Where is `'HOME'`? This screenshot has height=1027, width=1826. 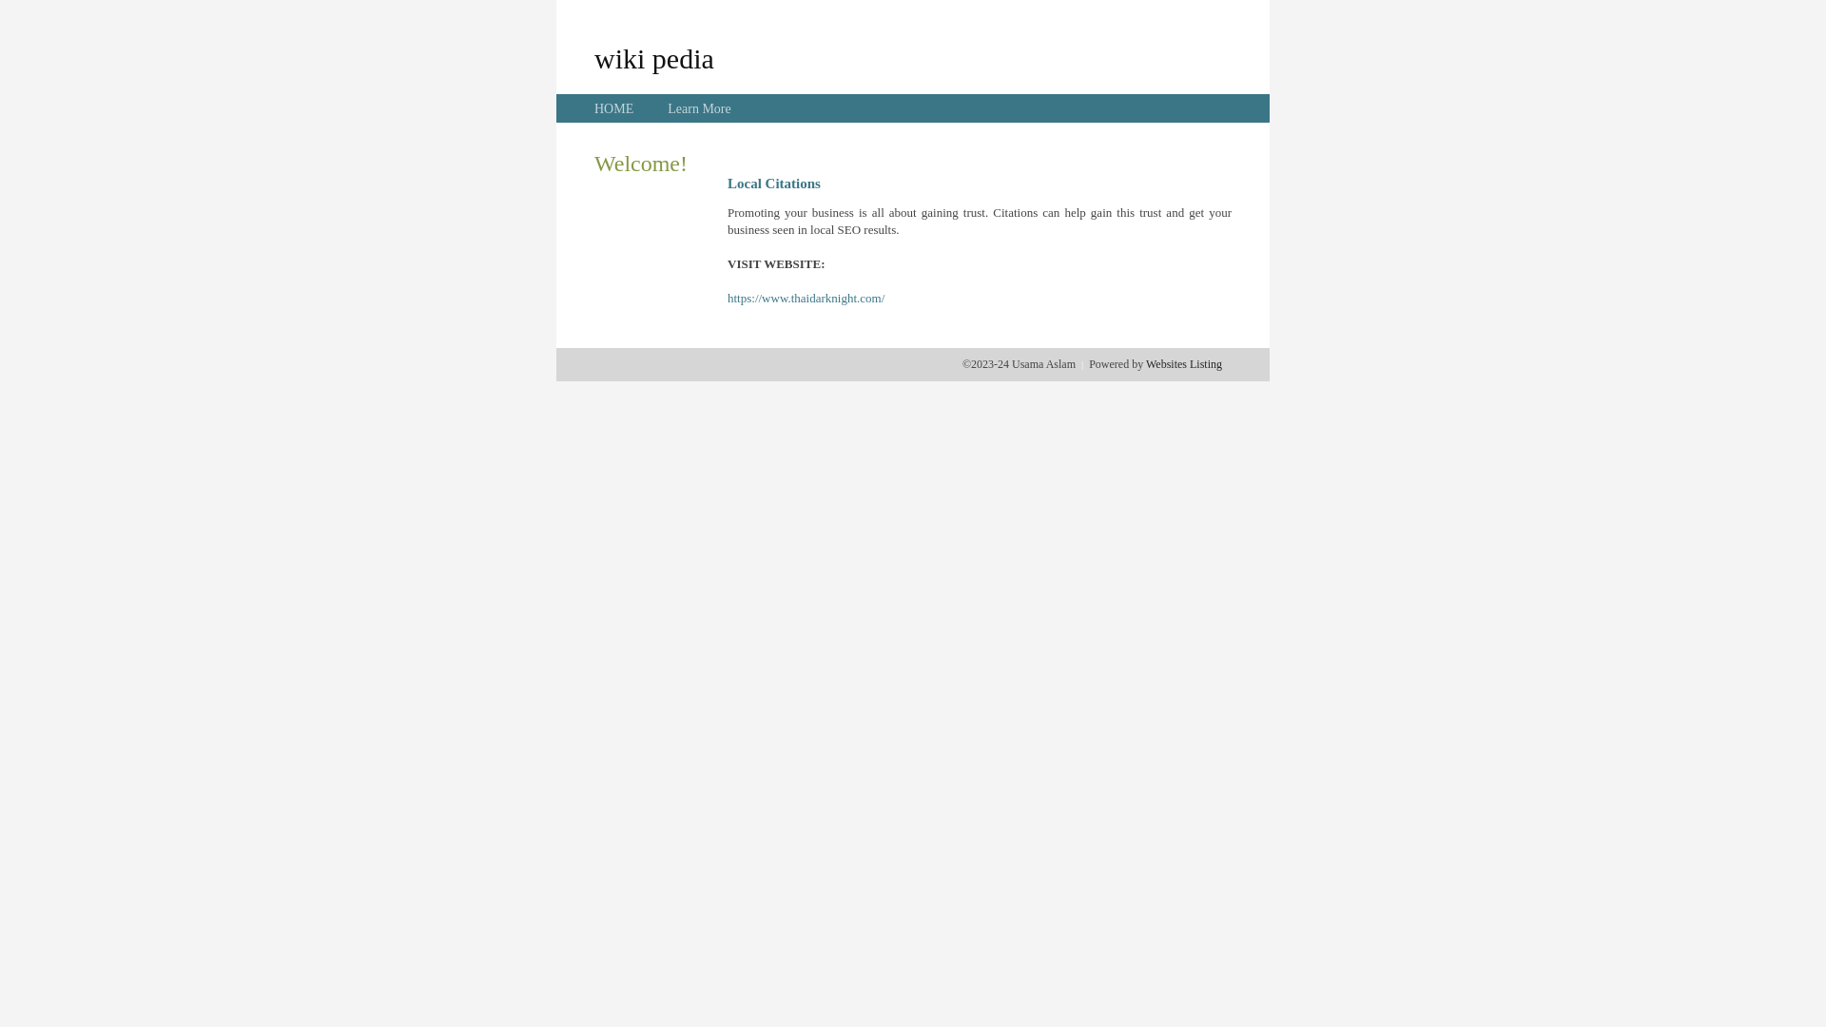 'HOME' is located at coordinates (613, 108).